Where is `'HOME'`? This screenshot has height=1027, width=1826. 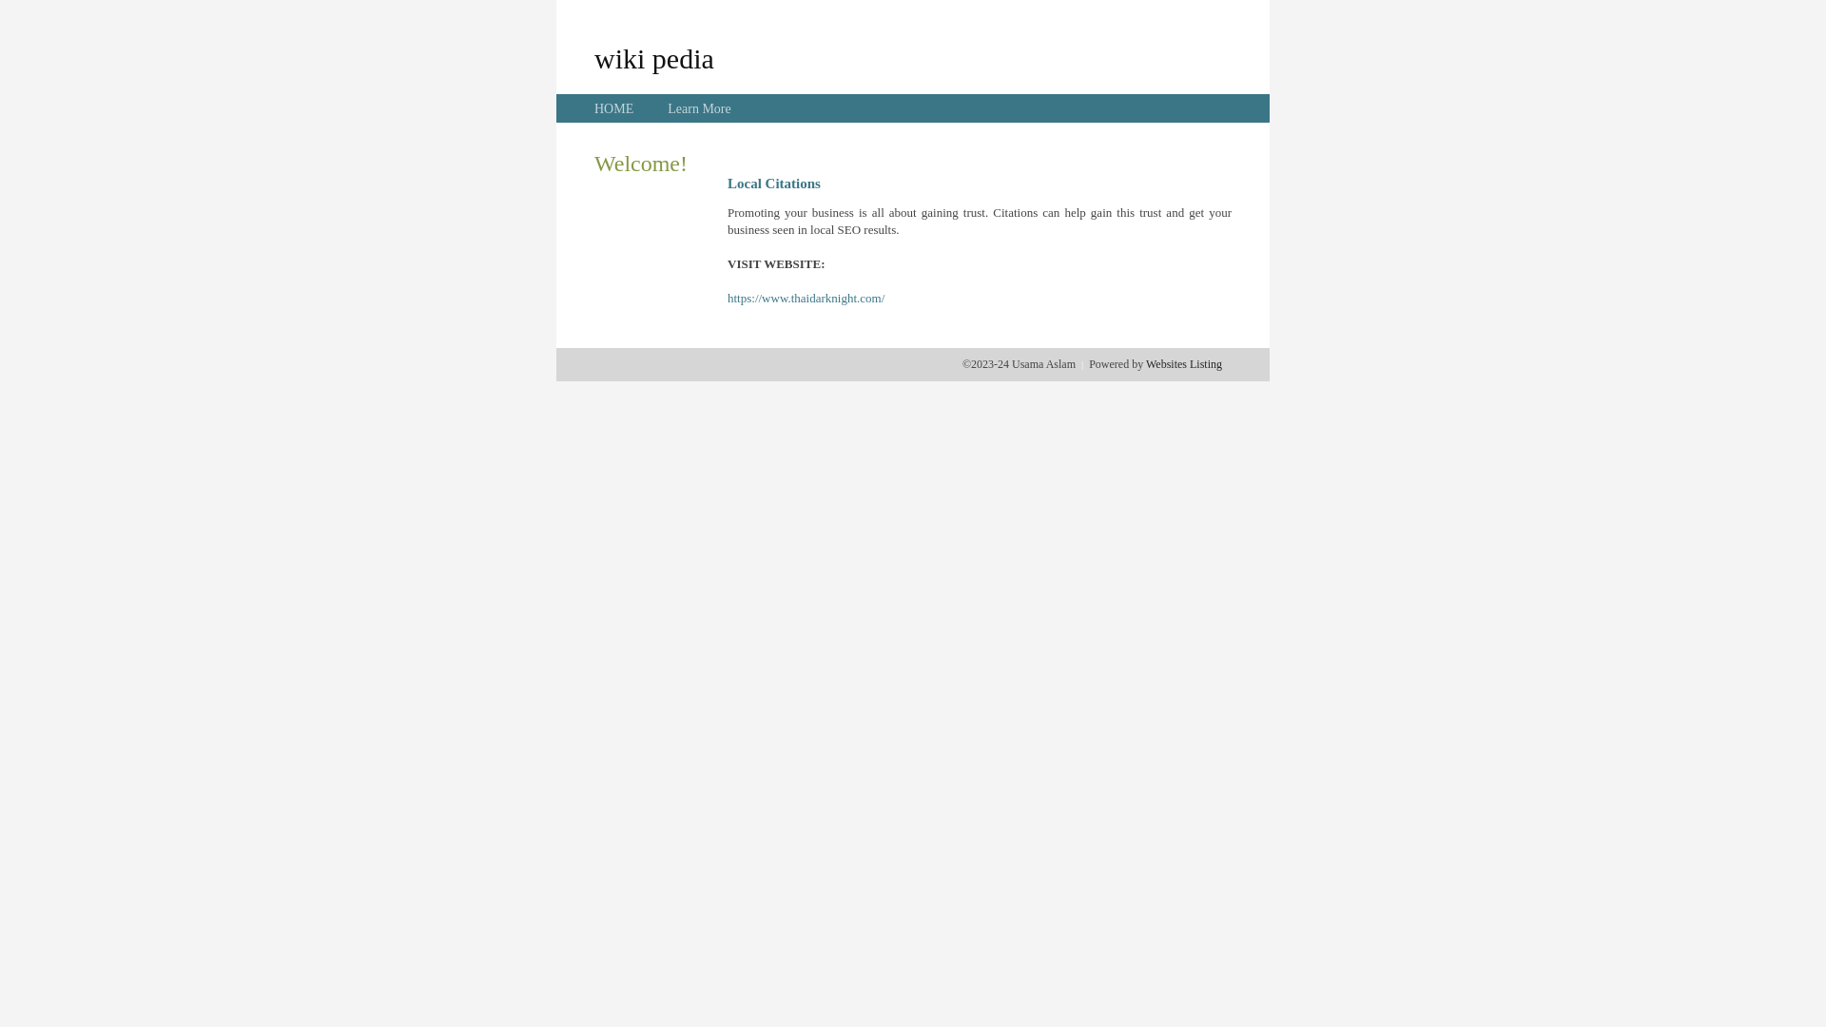 'HOME' is located at coordinates (613, 108).